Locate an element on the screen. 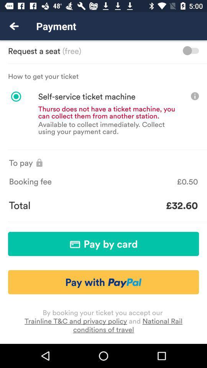 This screenshot has width=207, height=368. the self service ticket icon is located at coordinates (76, 96).